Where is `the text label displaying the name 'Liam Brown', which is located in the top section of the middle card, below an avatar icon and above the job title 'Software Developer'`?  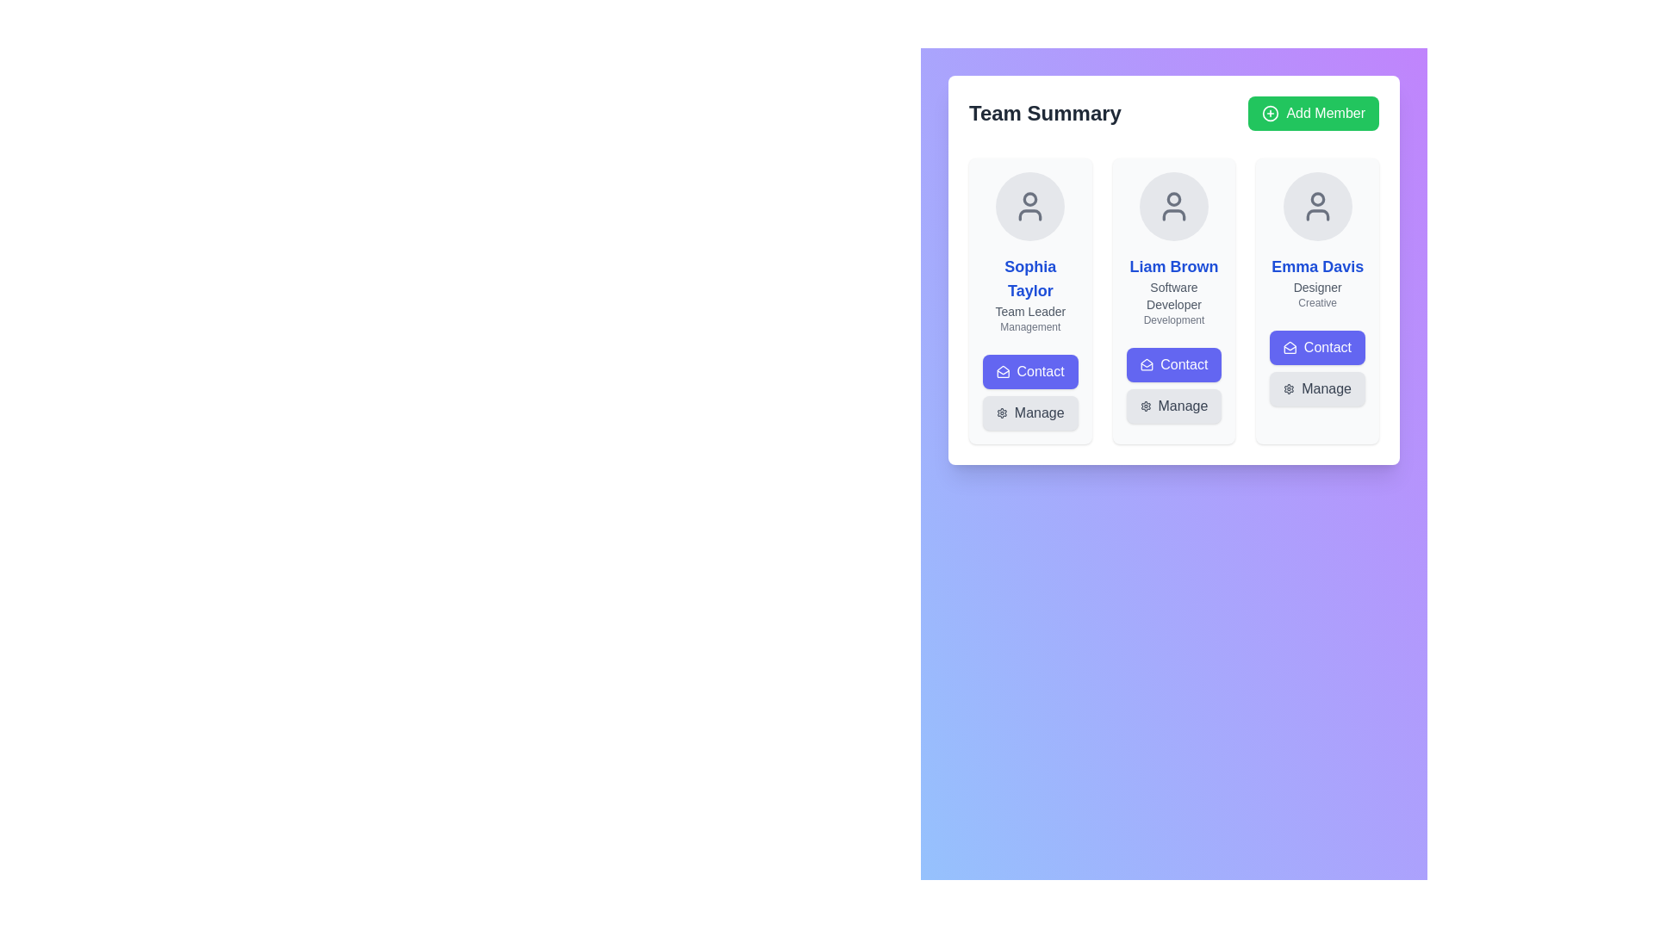
the text label displaying the name 'Liam Brown', which is located in the top section of the middle card, below an avatar icon and above the job title 'Software Developer' is located at coordinates (1173, 266).